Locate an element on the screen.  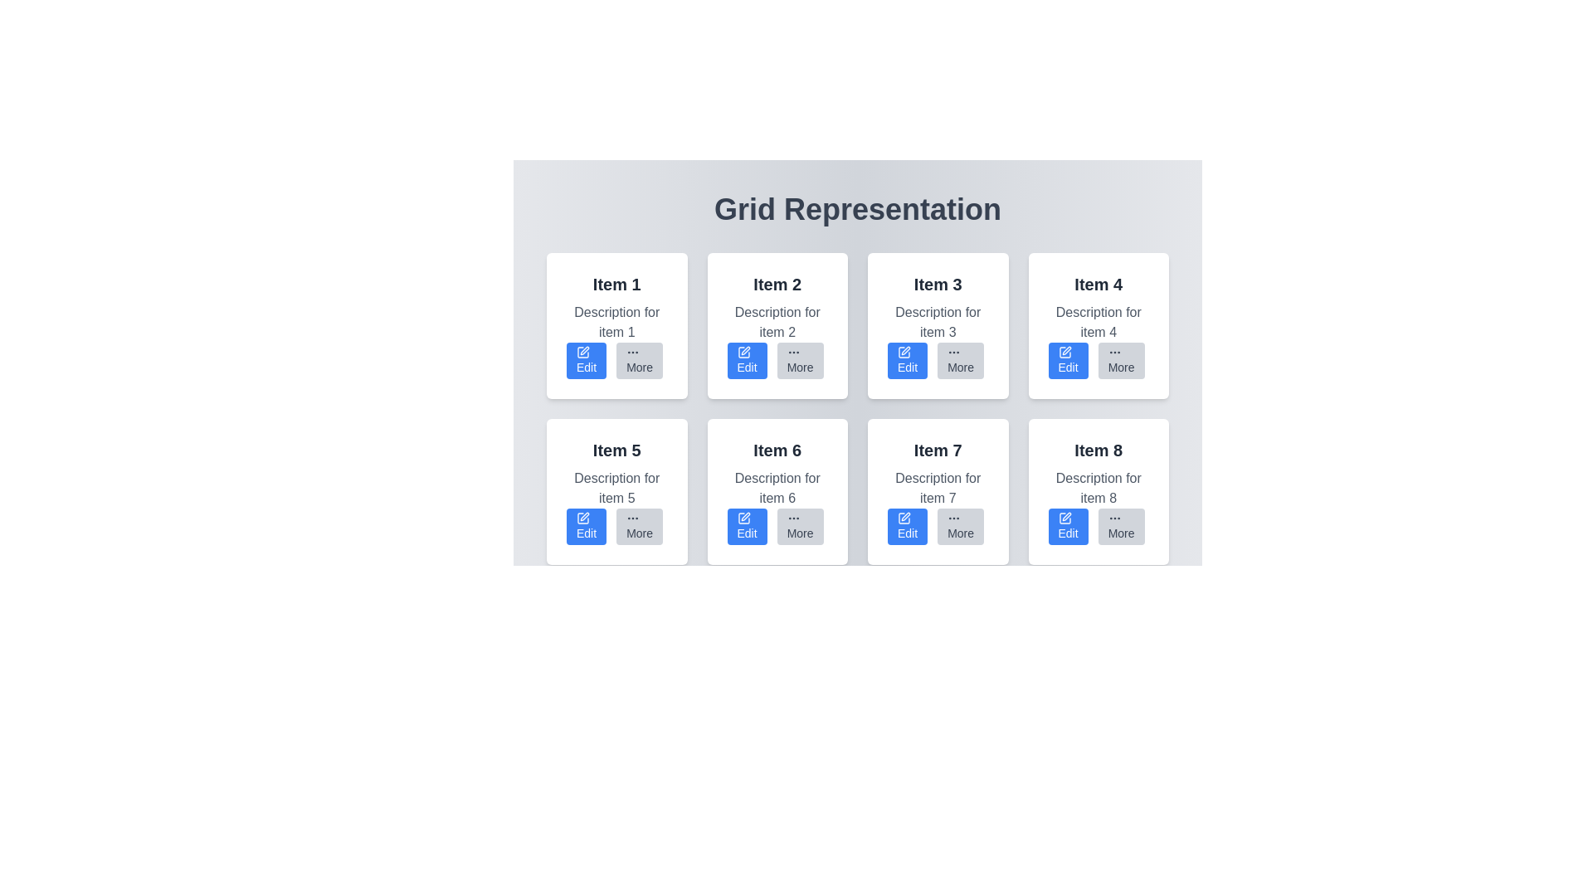
the 'Edit' action button icon located inside the blue button on the card labeled 'Item 1' in the top-left corner of the grid layout is located at coordinates (582, 351).